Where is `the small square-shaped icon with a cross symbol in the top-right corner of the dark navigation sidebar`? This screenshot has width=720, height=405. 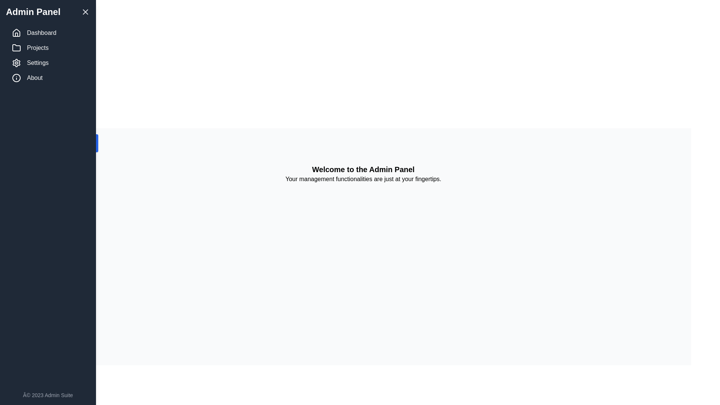
the small square-shaped icon with a cross symbol in the top-right corner of the dark navigation sidebar is located at coordinates (85, 12).